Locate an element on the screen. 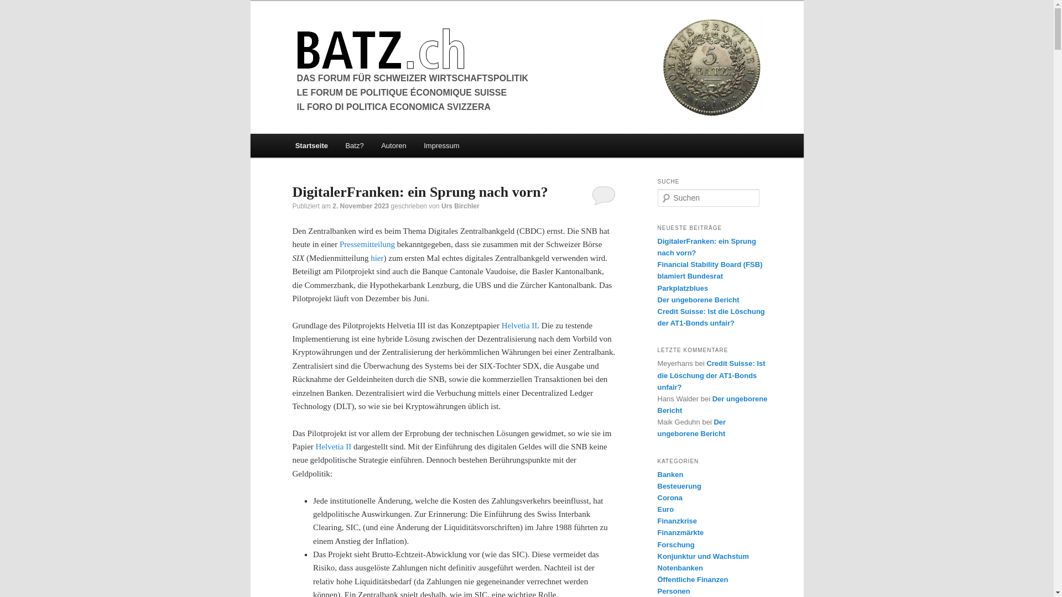 The width and height of the screenshot is (1062, 597). 'Autoren' is located at coordinates (393, 145).